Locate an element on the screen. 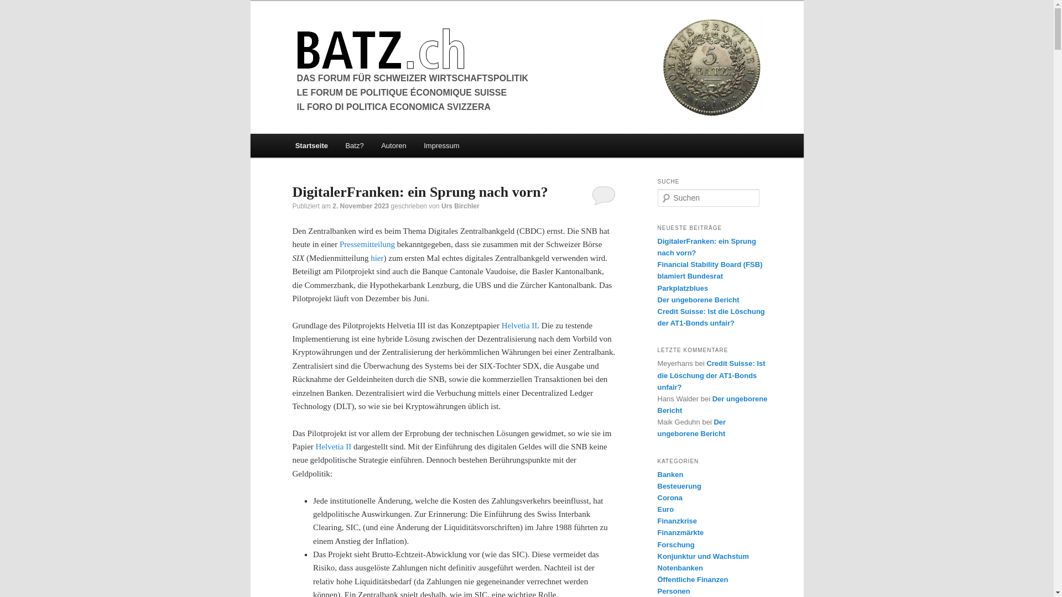 The width and height of the screenshot is (1062, 597). 'Autoren' is located at coordinates (393, 145).